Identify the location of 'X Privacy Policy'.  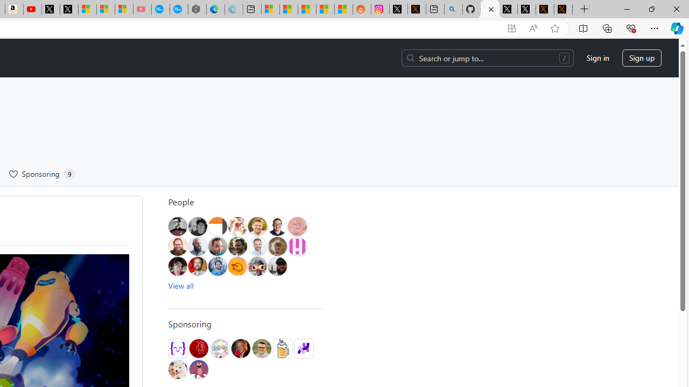
(563, 9).